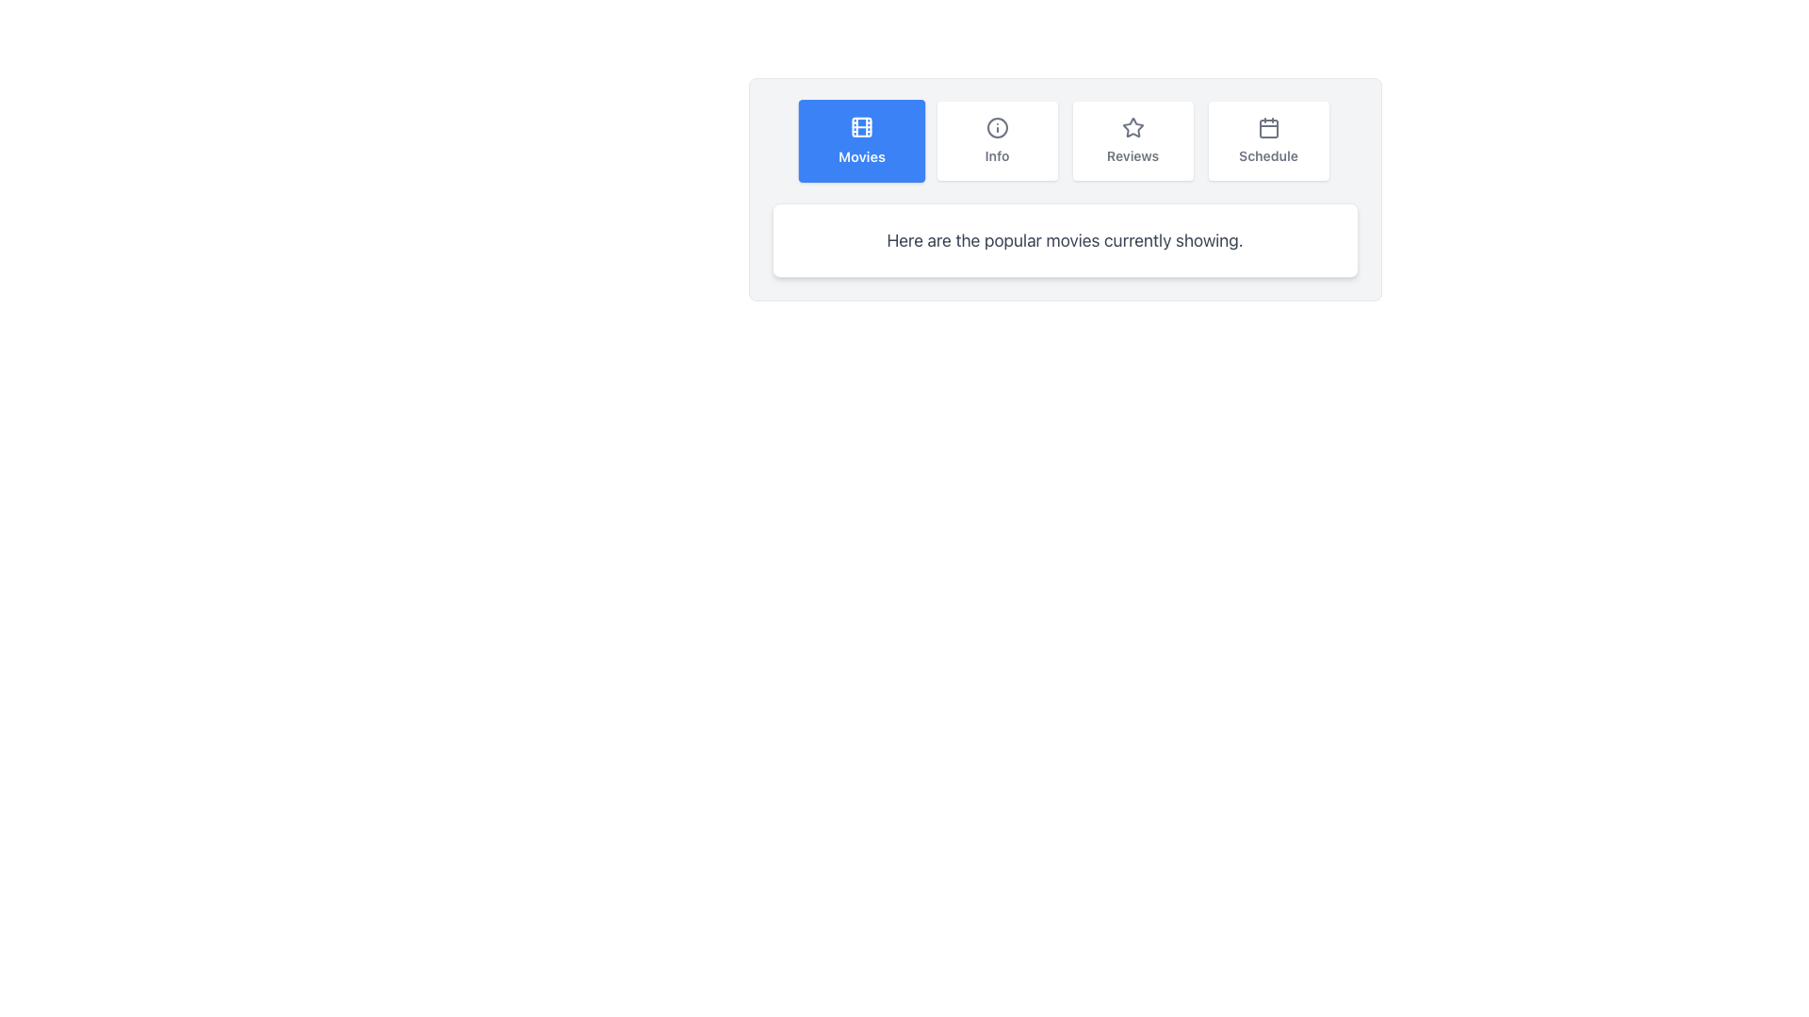 This screenshot has height=1017, width=1809. I want to click on the decorative 'Reviews' icon located above the 'Reviews' text in the menu, which is the third option from the left, so click(1132, 127).